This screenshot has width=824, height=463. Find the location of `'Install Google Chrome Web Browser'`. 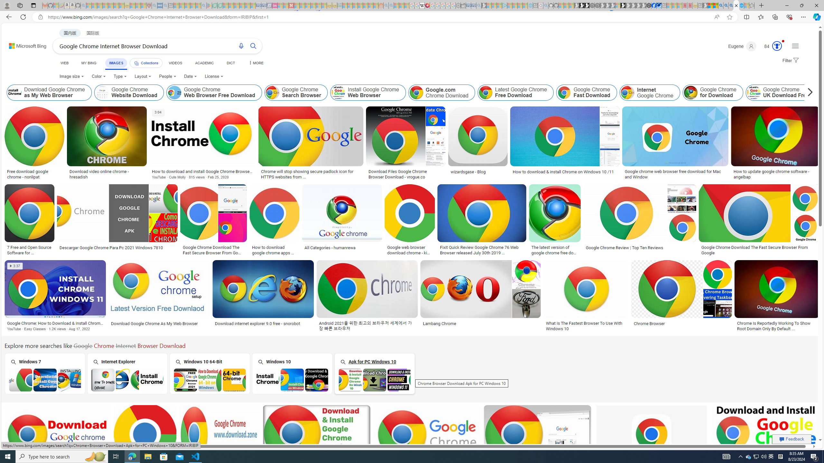

'Install Google Chrome Web Browser' is located at coordinates (338, 92).